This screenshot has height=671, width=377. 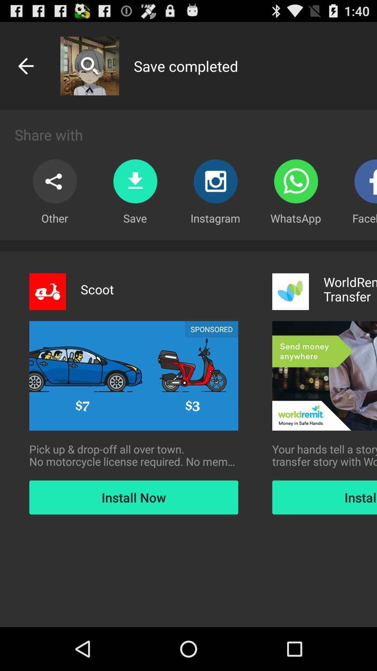 What do you see at coordinates (211, 329) in the screenshot?
I see `sponsored icon` at bounding box center [211, 329].